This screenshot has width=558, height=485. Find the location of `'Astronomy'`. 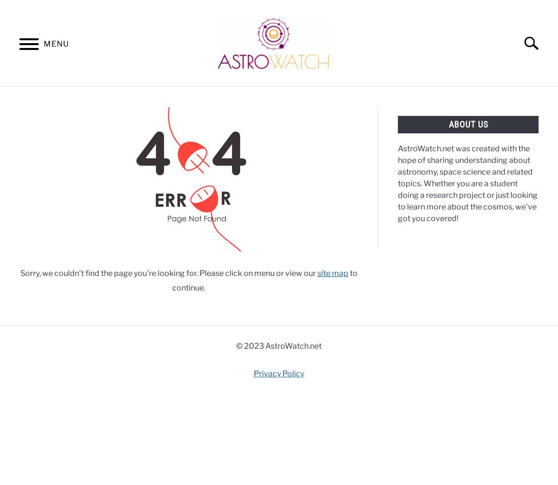

'Astronomy' is located at coordinates (32, 97).